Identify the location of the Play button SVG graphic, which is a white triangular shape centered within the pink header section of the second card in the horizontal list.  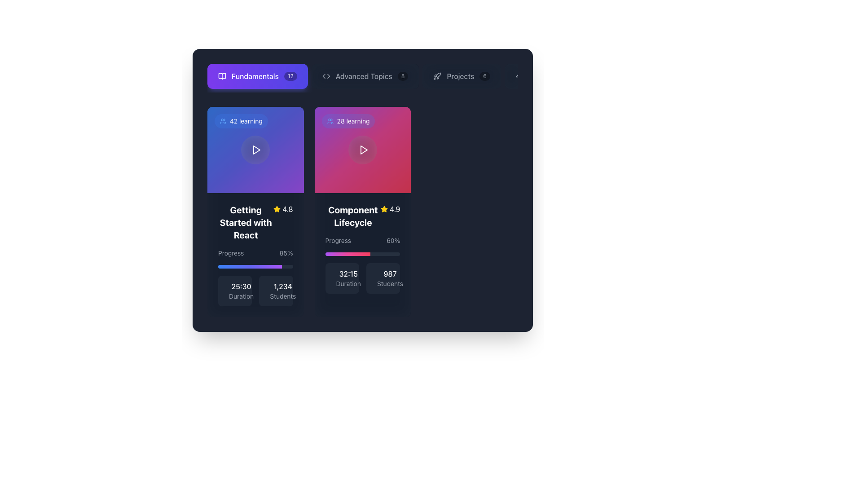
(364, 150).